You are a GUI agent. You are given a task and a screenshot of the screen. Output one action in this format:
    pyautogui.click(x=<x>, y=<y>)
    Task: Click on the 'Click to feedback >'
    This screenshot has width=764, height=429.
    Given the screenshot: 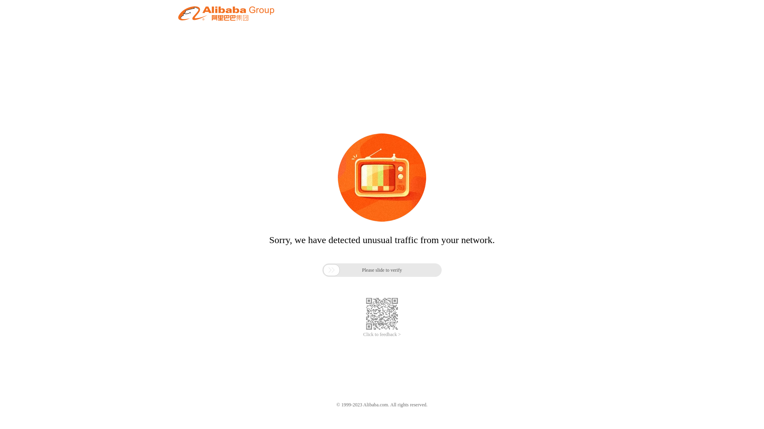 What is the action you would take?
    pyautogui.click(x=363, y=334)
    